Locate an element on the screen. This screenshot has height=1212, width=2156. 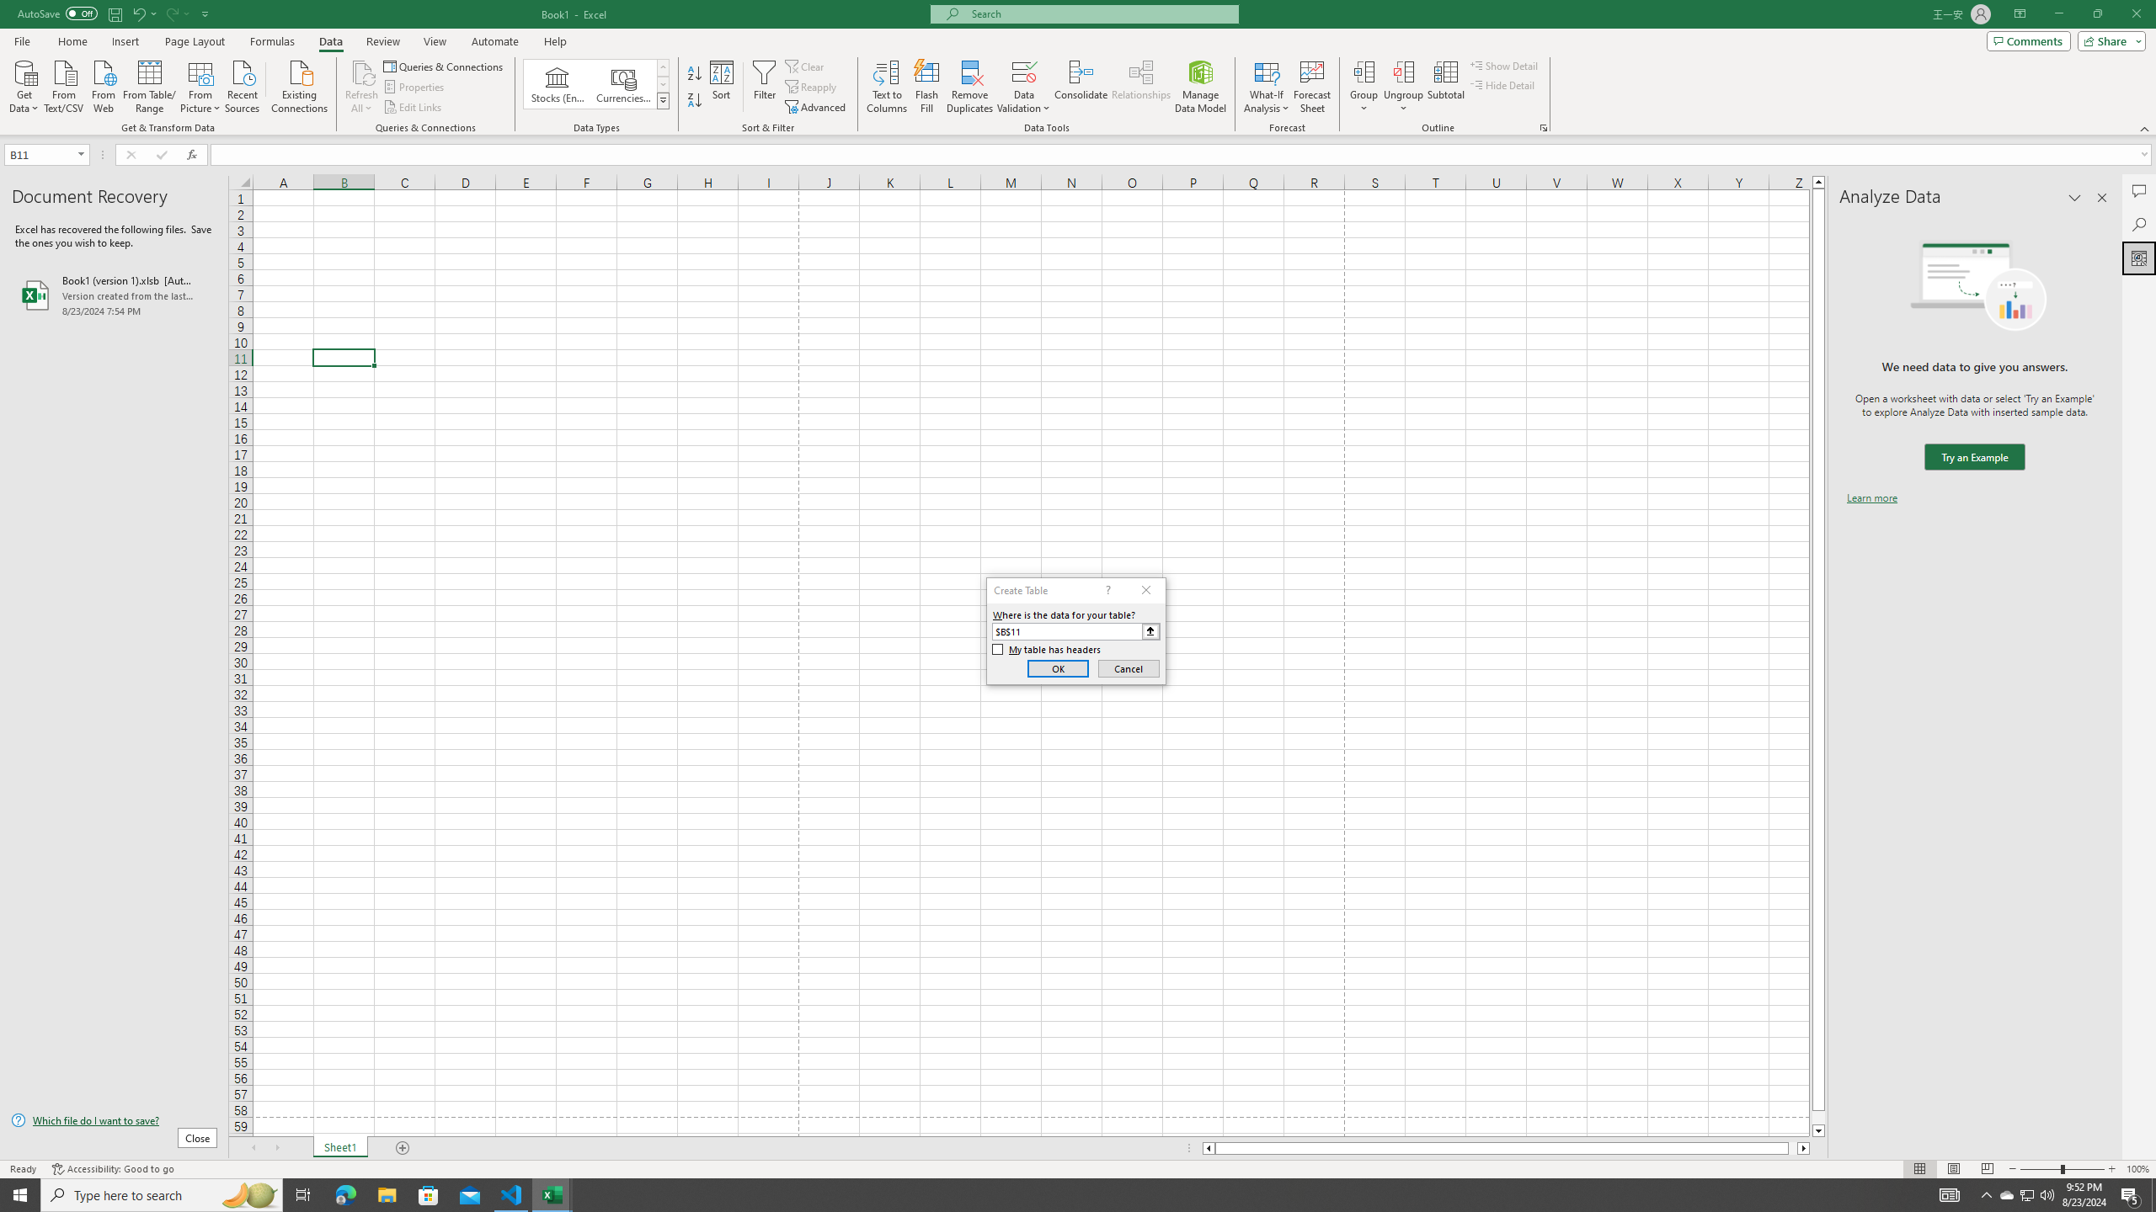
'Group...' is located at coordinates (1364, 87).